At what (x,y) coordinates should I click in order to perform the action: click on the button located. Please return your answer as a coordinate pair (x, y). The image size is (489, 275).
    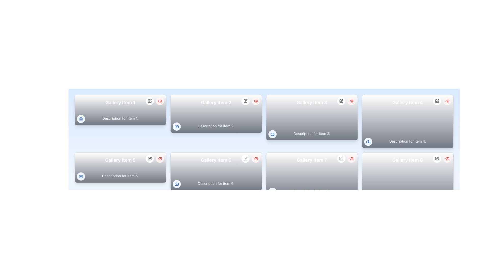
    Looking at the image, I should click on (80, 176).